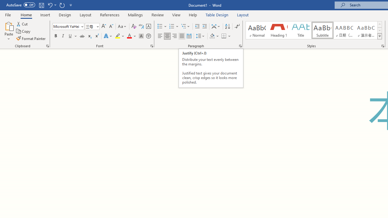 The height and width of the screenshot is (218, 388). Describe the element at coordinates (160, 36) in the screenshot. I see `'Align Left'` at that location.